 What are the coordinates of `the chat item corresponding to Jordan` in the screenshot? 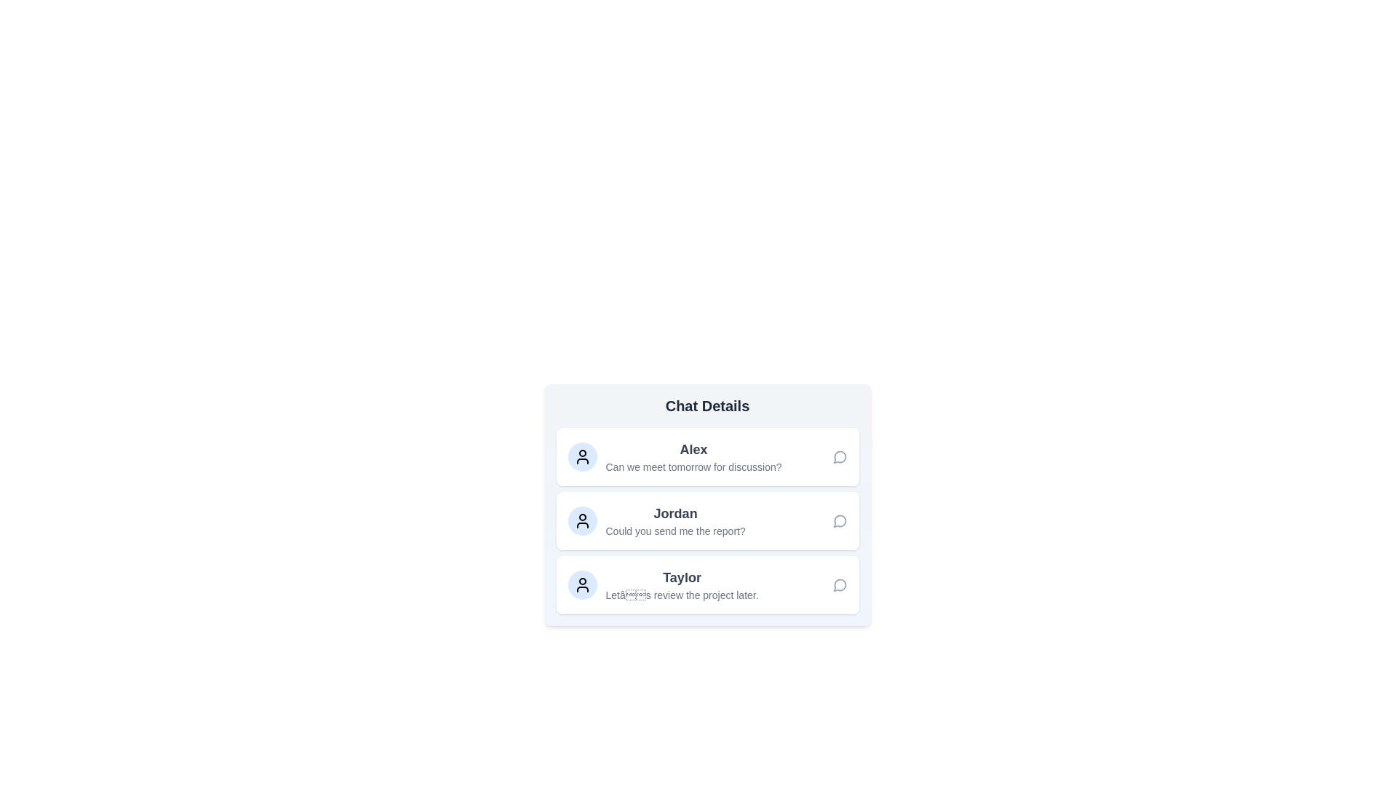 It's located at (707, 520).